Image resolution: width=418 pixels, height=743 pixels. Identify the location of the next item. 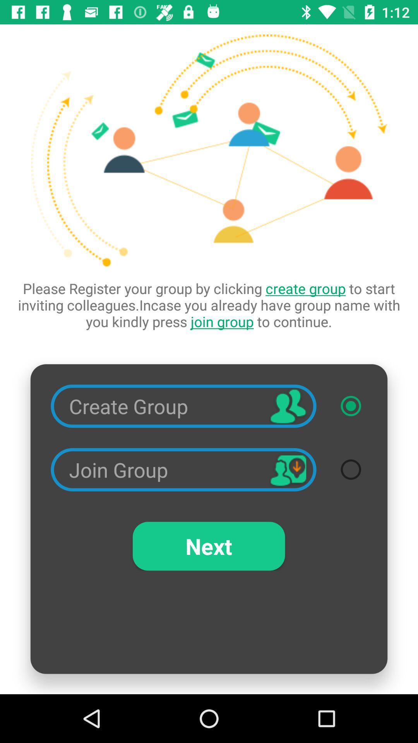
(208, 546).